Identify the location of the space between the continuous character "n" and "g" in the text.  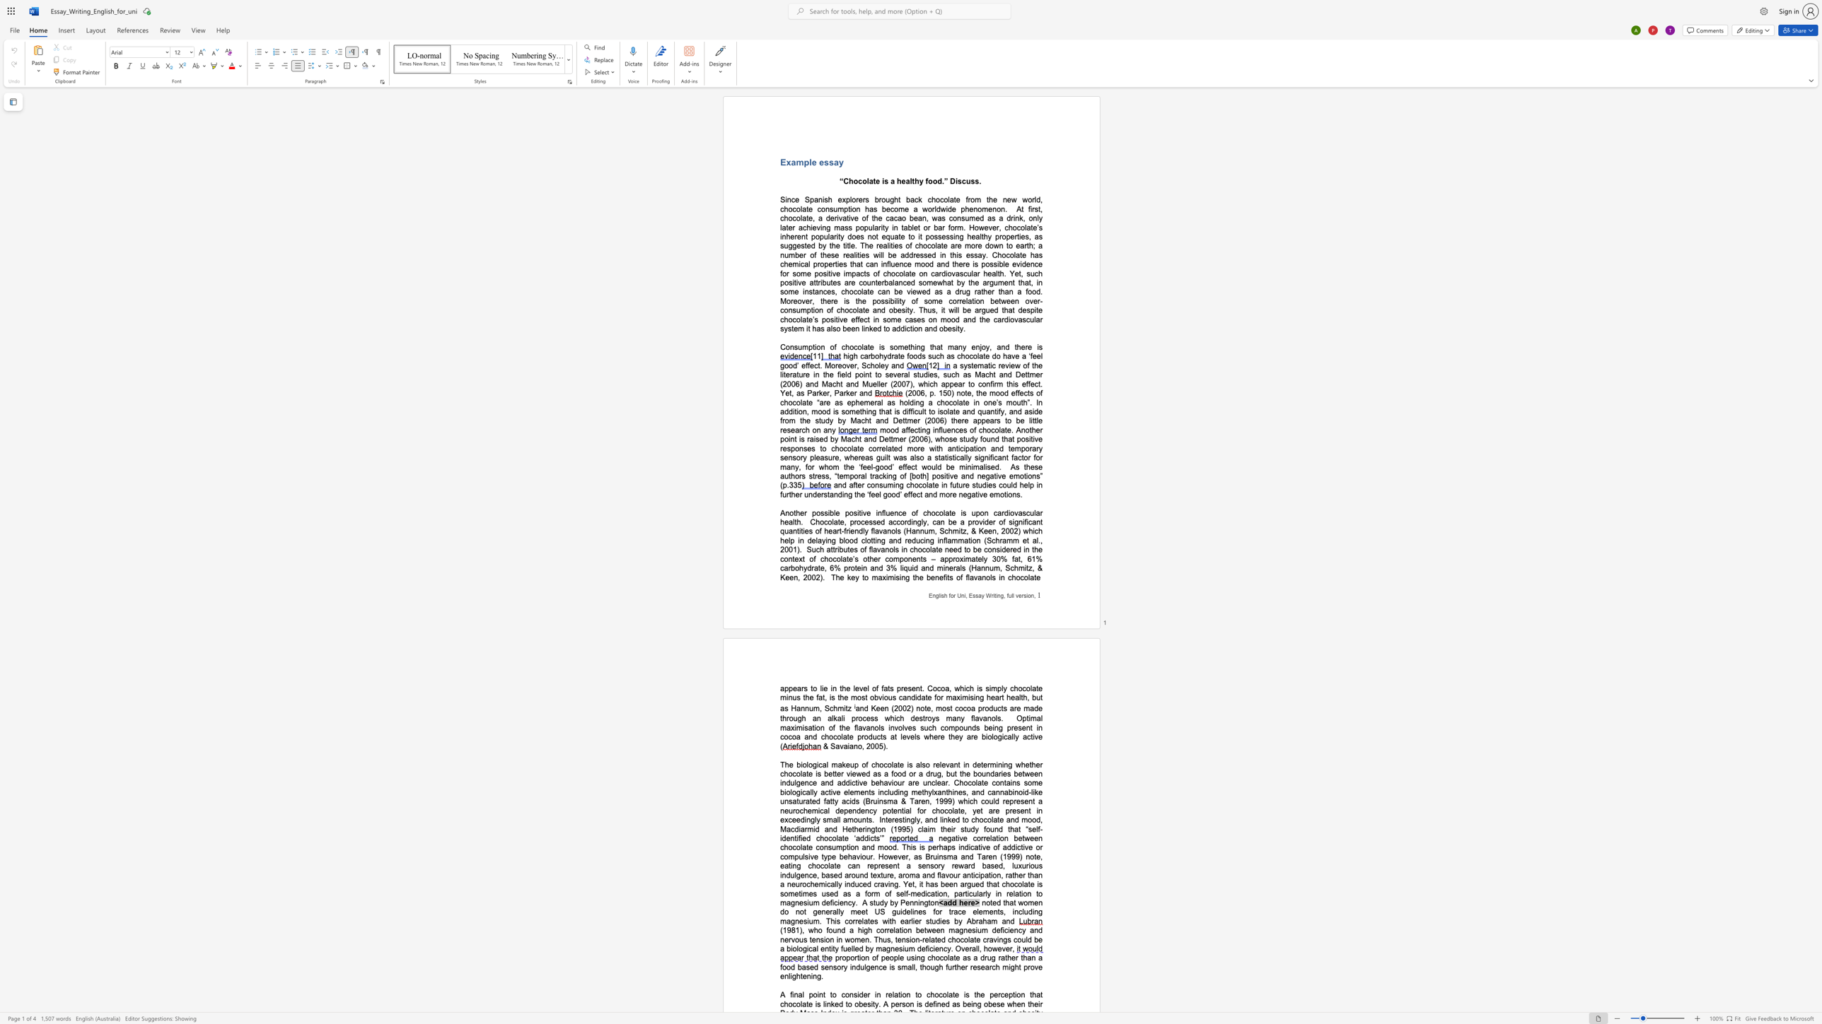
(1007, 764).